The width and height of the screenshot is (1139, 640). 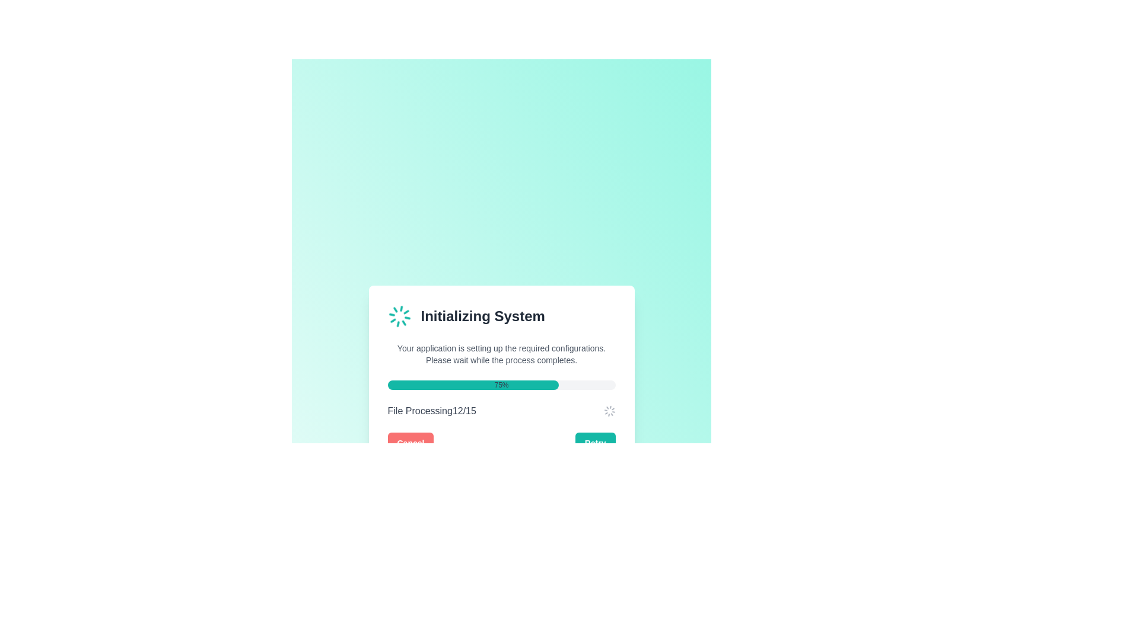 What do you see at coordinates (595, 443) in the screenshot?
I see `the 'Retry' button, which is a teal rectangular button with white text located in the bottom-right corner of the modal interface` at bounding box center [595, 443].